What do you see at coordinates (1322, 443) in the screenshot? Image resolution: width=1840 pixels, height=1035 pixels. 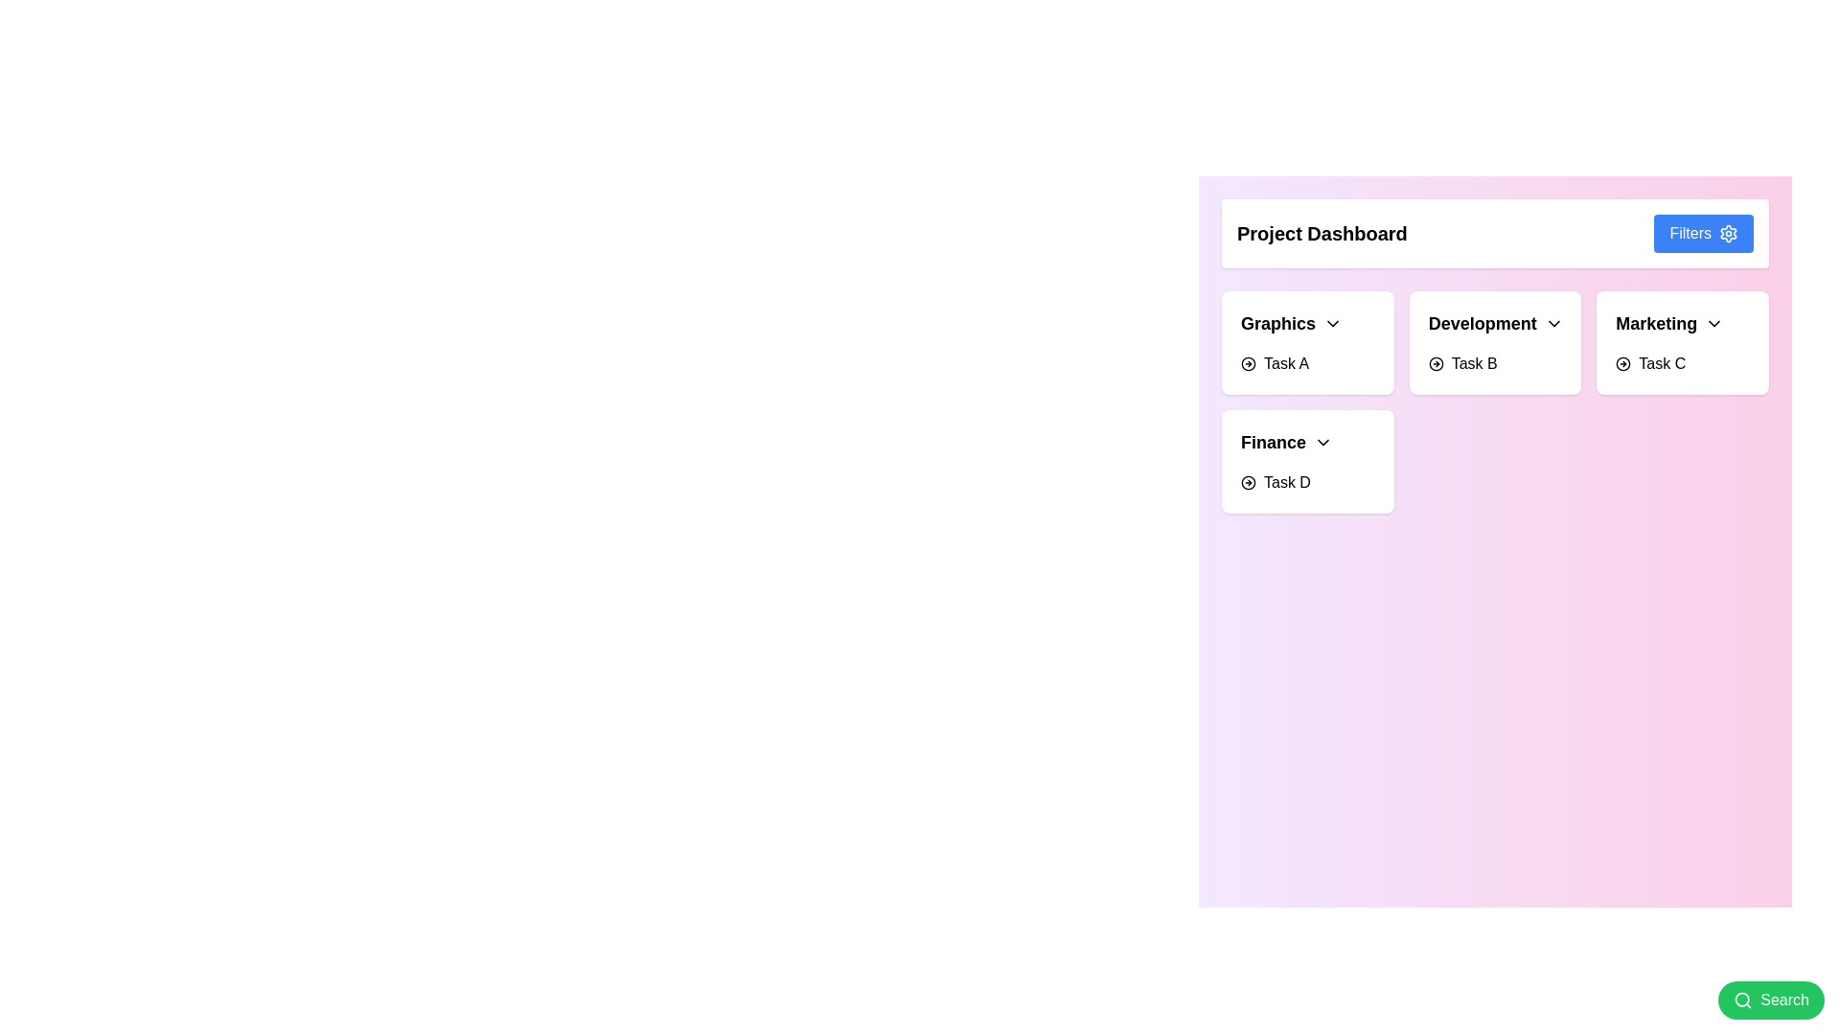 I see `the downward-pointing chevron icon located at the far-right end of the 'Finance' section title` at bounding box center [1322, 443].